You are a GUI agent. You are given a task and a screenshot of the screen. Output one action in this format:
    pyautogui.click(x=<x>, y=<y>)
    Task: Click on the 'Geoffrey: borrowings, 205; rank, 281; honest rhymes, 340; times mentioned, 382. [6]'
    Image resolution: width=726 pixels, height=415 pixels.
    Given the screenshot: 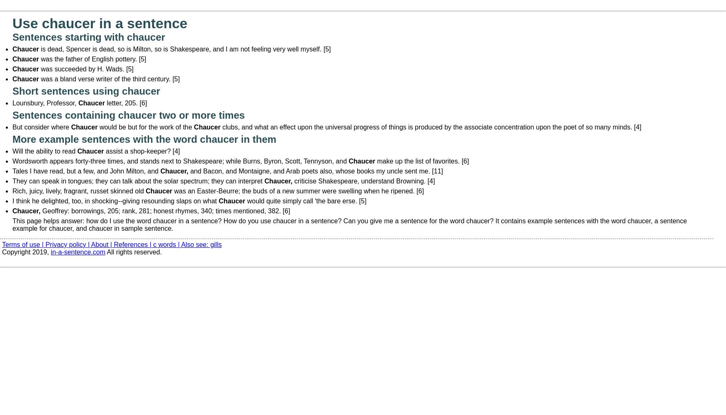 What is the action you would take?
    pyautogui.click(x=164, y=211)
    